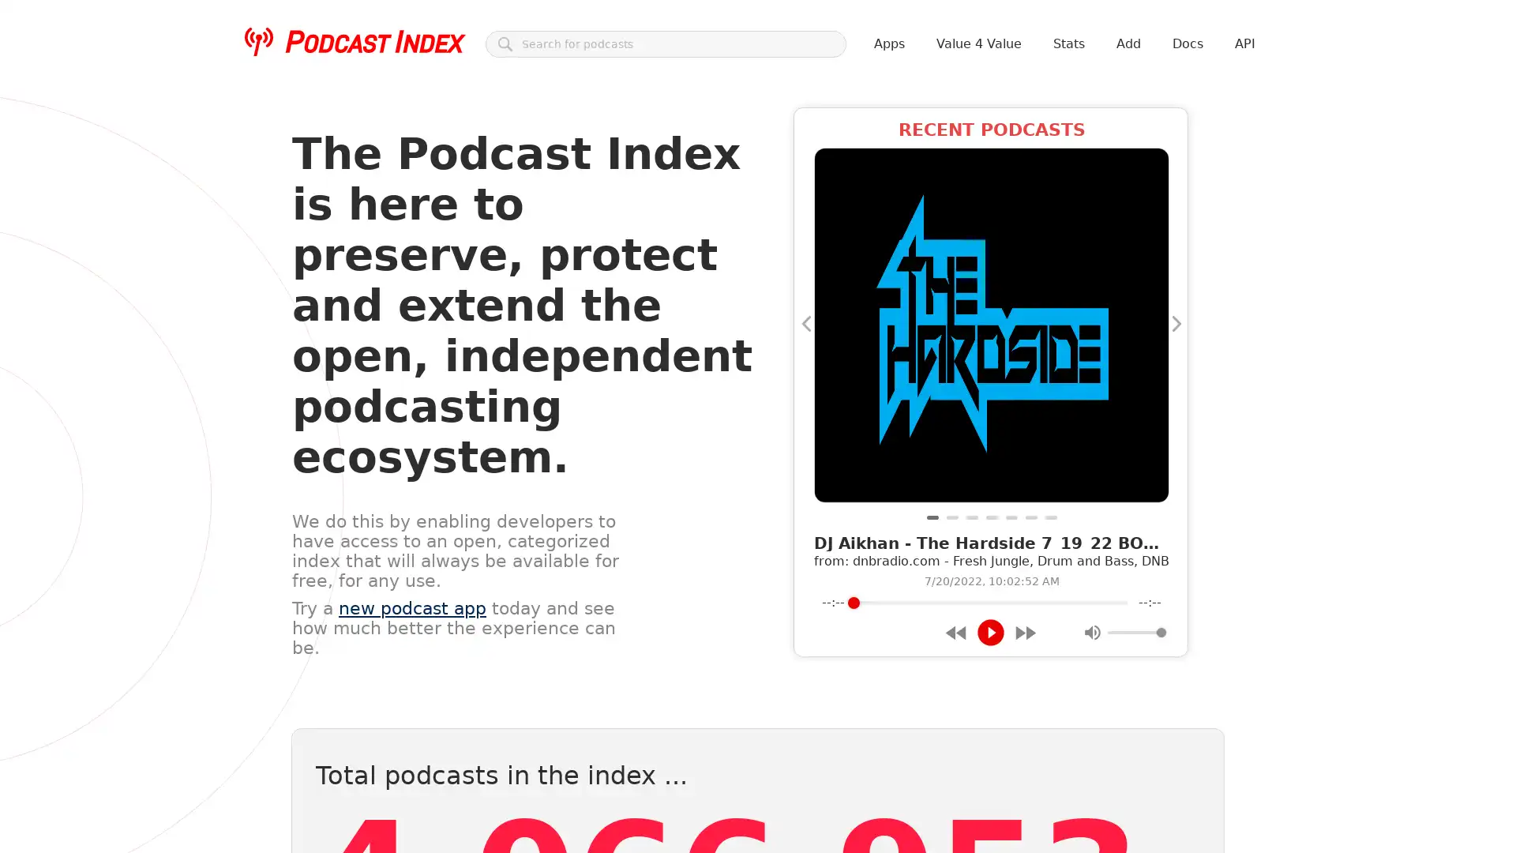 Image resolution: width=1516 pixels, height=853 pixels. I want to click on Mow, Grow, Know..., so click(951, 517).